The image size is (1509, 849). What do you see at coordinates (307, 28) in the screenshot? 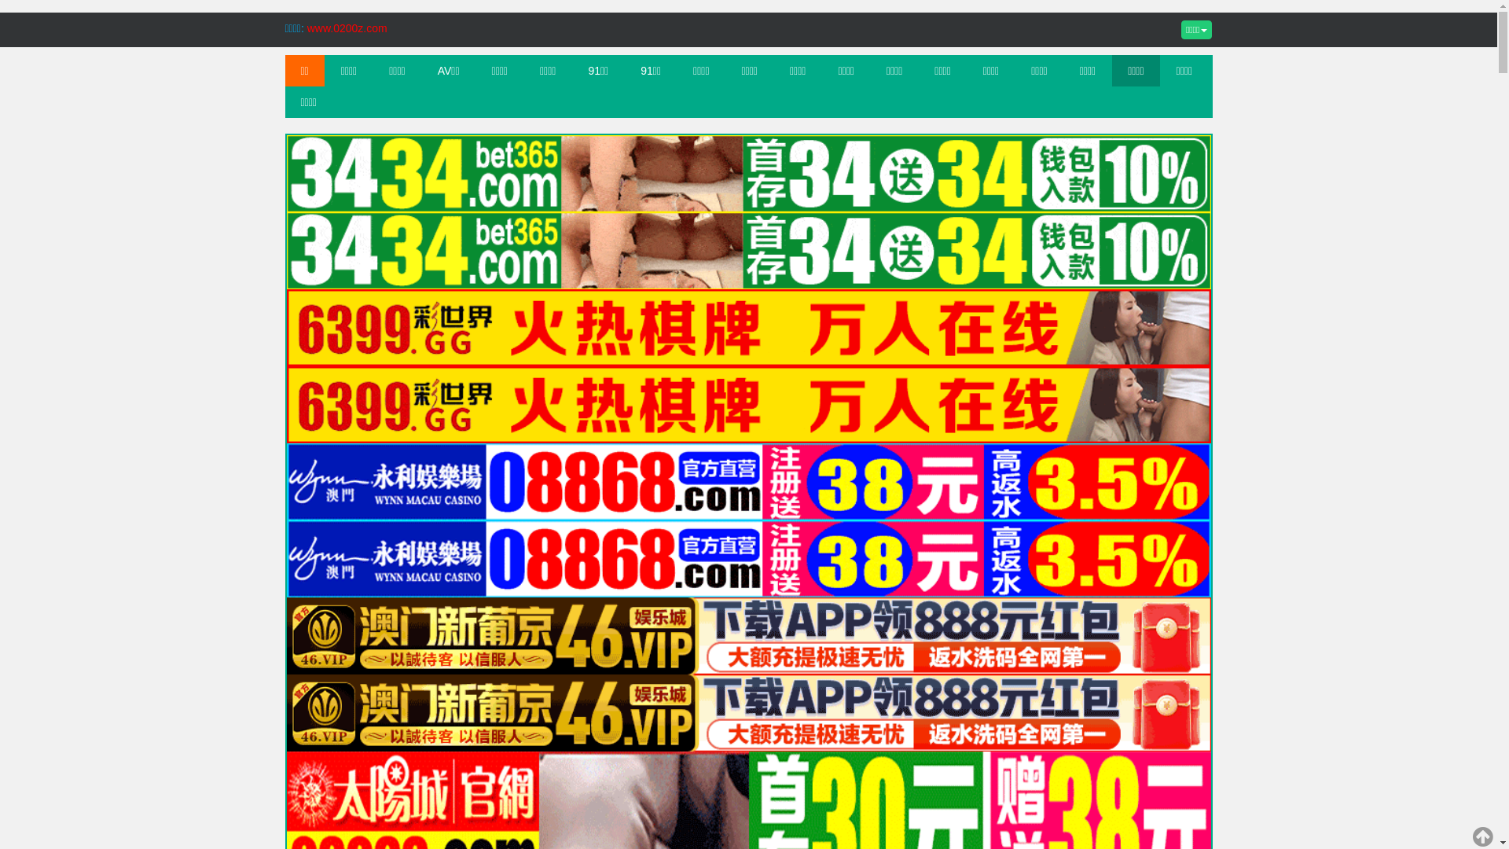
I see `'www.0200z.com'` at bounding box center [307, 28].